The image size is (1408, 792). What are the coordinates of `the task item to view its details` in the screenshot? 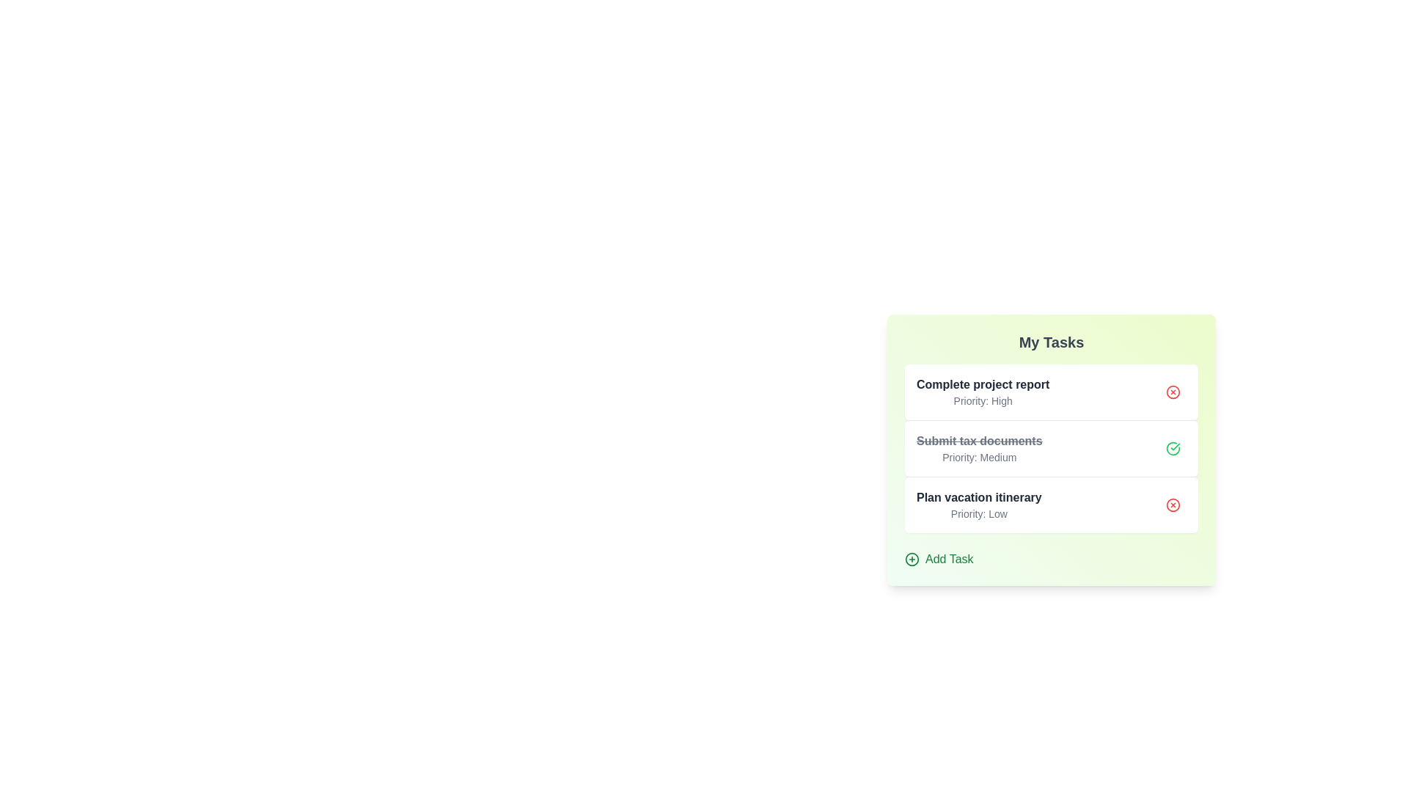 It's located at (1051, 392).